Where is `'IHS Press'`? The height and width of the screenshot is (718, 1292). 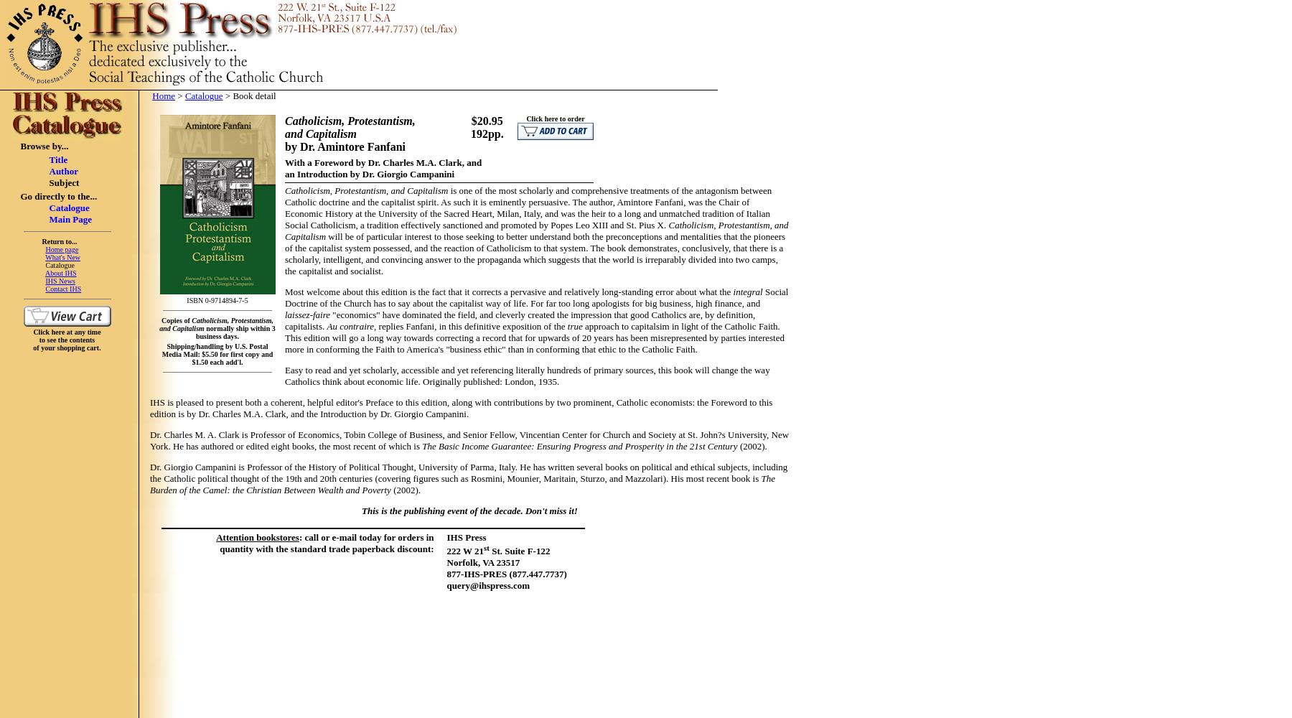
'IHS Press' is located at coordinates (466, 536).